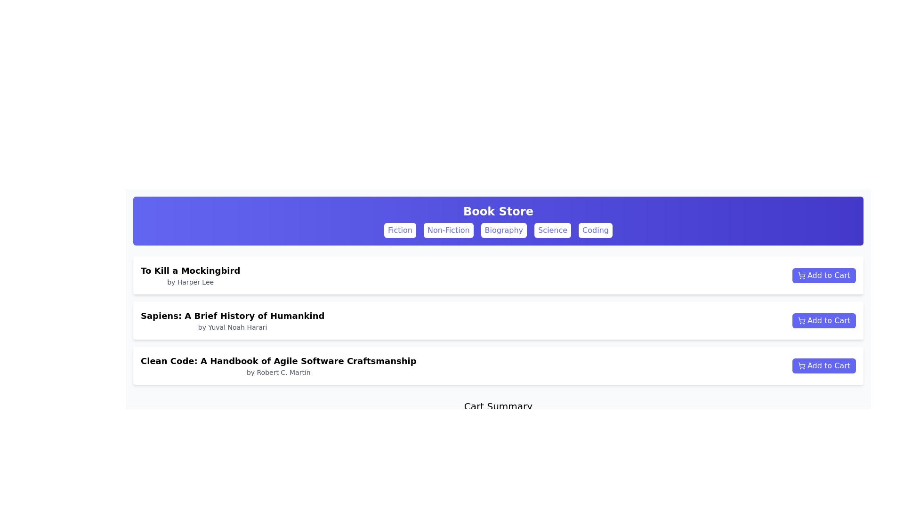 This screenshot has height=508, width=904. I want to click on the 'Biography' category selector button, which is the third button in a horizontal list of five buttons labeled 'Fiction', 'Non-Fiction', 'Biography', 'Science', and 'Coding', so click(503, 230).